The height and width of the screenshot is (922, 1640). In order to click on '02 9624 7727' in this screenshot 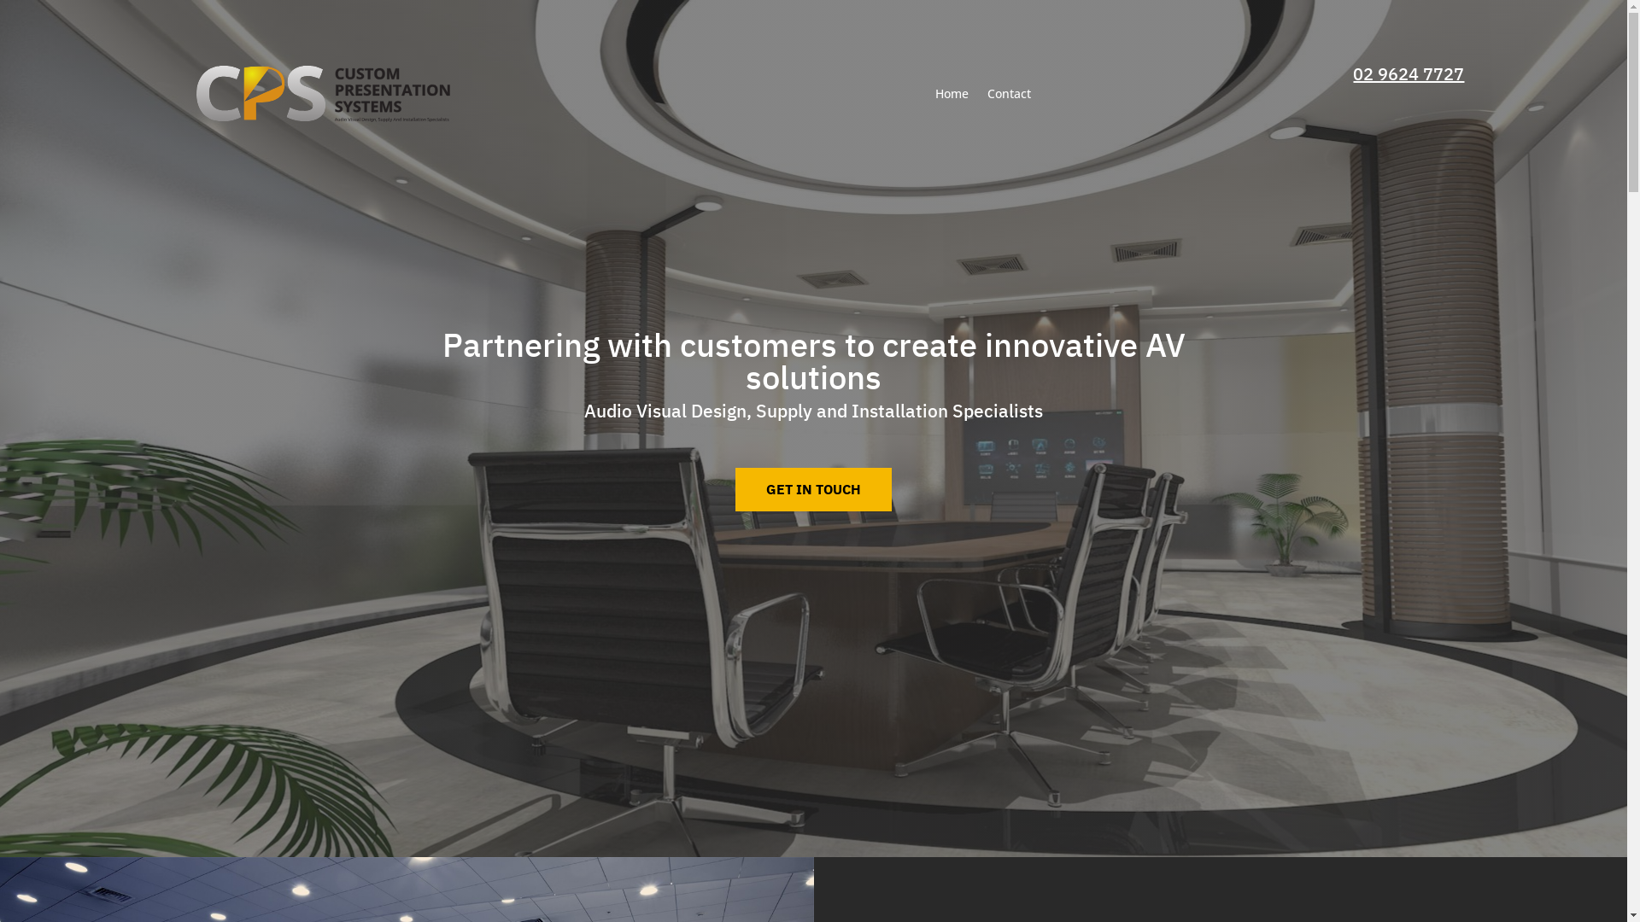, I will do `click(1409, 73)`.